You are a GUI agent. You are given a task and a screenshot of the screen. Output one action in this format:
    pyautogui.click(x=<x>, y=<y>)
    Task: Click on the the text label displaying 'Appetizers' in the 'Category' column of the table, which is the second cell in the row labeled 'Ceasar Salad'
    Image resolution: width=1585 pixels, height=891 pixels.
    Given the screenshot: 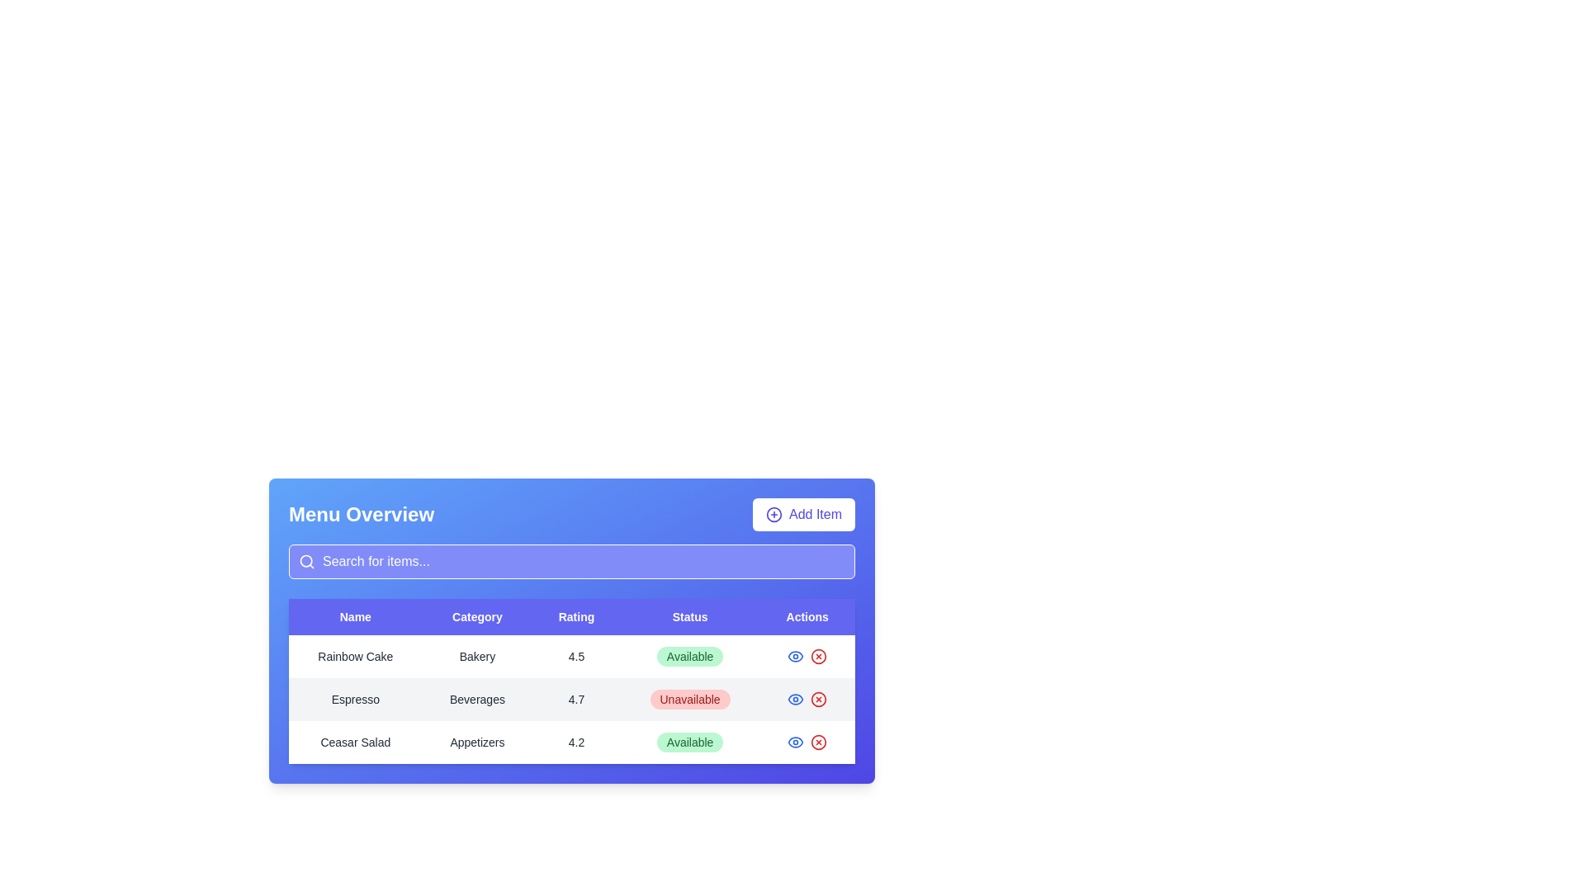 What is the action you would take?
    pyautogui.click(x=476, y=741)
    